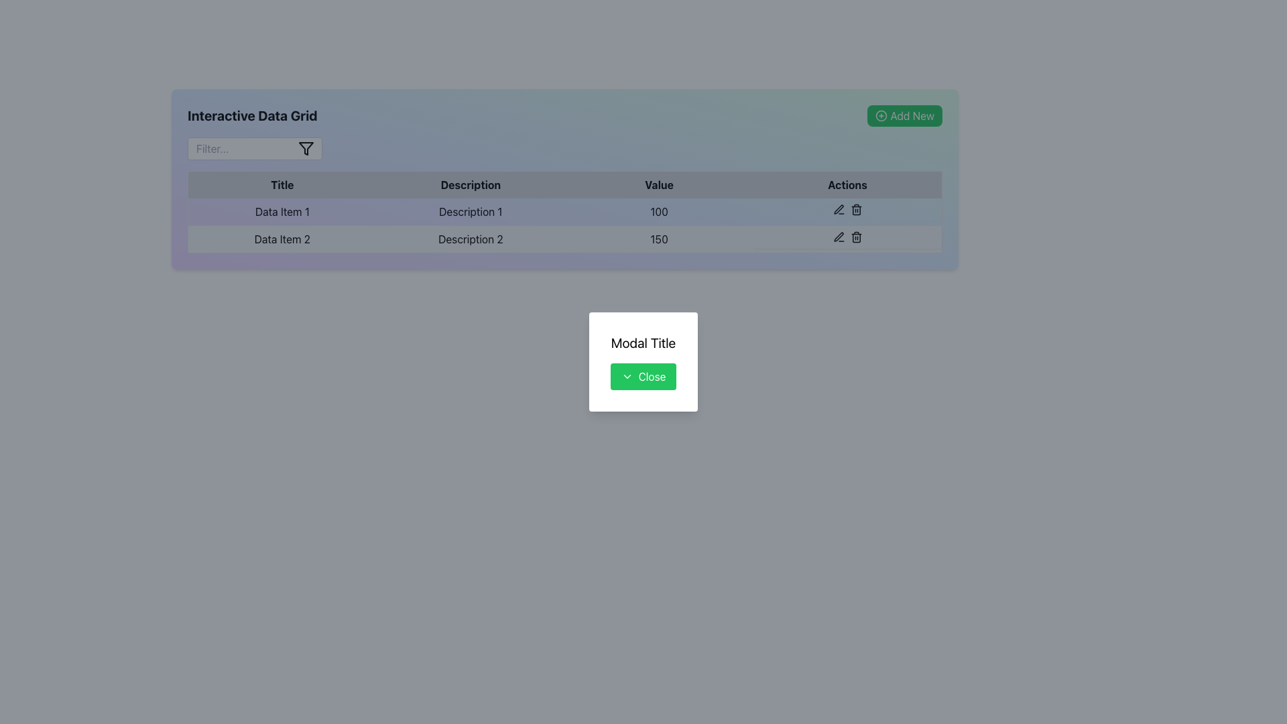 The width and height of the screenshot is (1287, 724). What do you see at coordinates (855, 209) in the screenshot?
I see `the Delete Icon Button, which resembles a trash can and is located in the Actions column for Data Item 1` at bounding box center [855, 209].